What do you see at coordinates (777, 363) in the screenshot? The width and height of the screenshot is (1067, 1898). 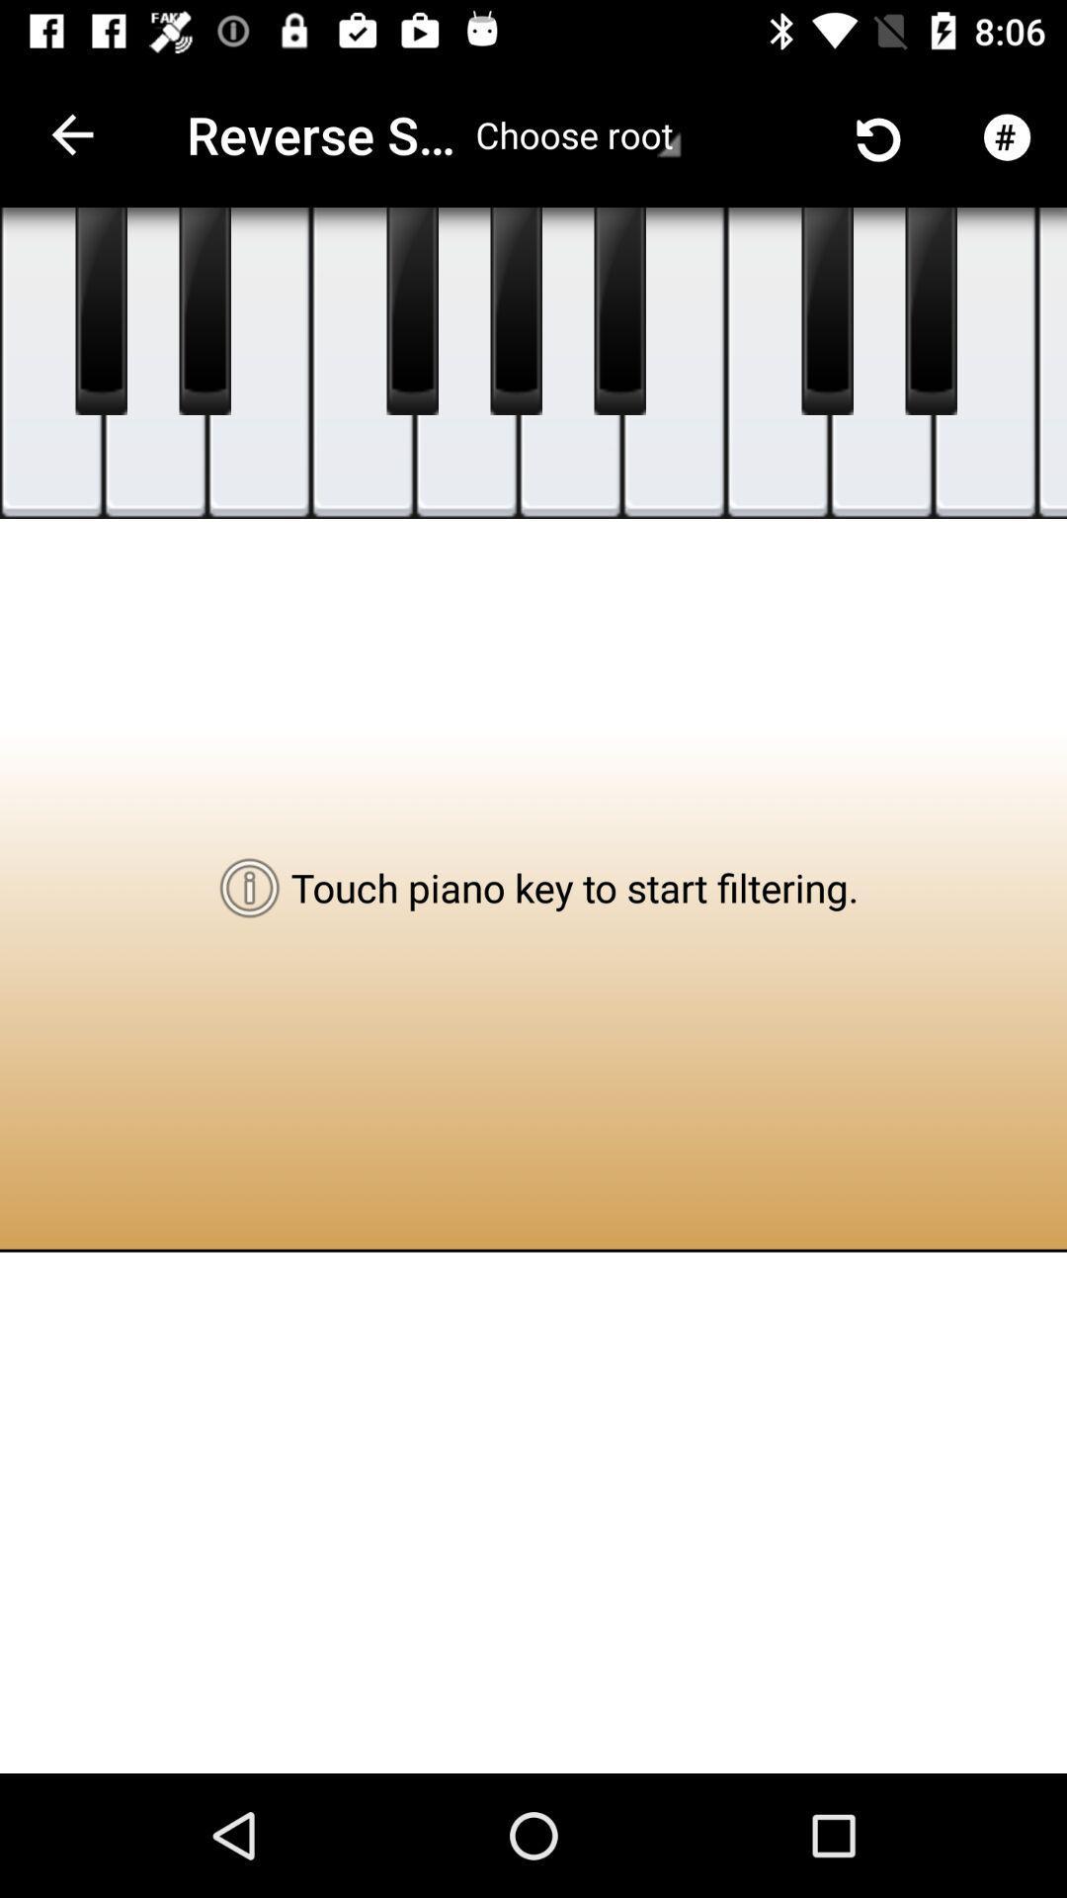 I see `start filtering` at bounding box center [777, 363].